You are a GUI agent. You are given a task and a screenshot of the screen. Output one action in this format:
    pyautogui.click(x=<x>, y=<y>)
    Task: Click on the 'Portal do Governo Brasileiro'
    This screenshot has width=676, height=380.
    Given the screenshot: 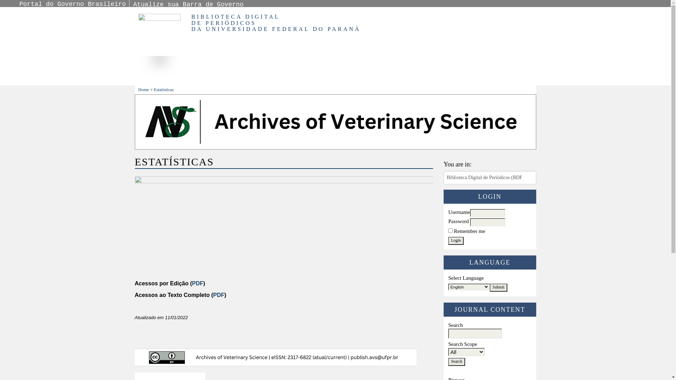 What is the action you would take?
    pyautogui.click(x=73, y=4)
    